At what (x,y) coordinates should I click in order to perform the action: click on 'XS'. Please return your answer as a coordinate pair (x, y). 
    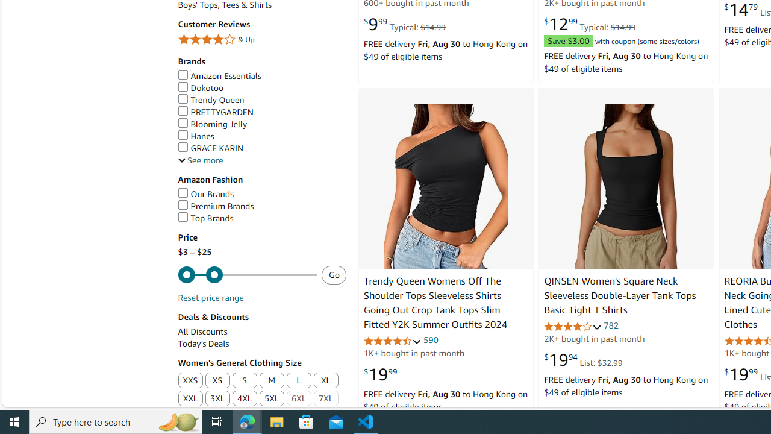
    Looking at the image, I should click on (217, 380).